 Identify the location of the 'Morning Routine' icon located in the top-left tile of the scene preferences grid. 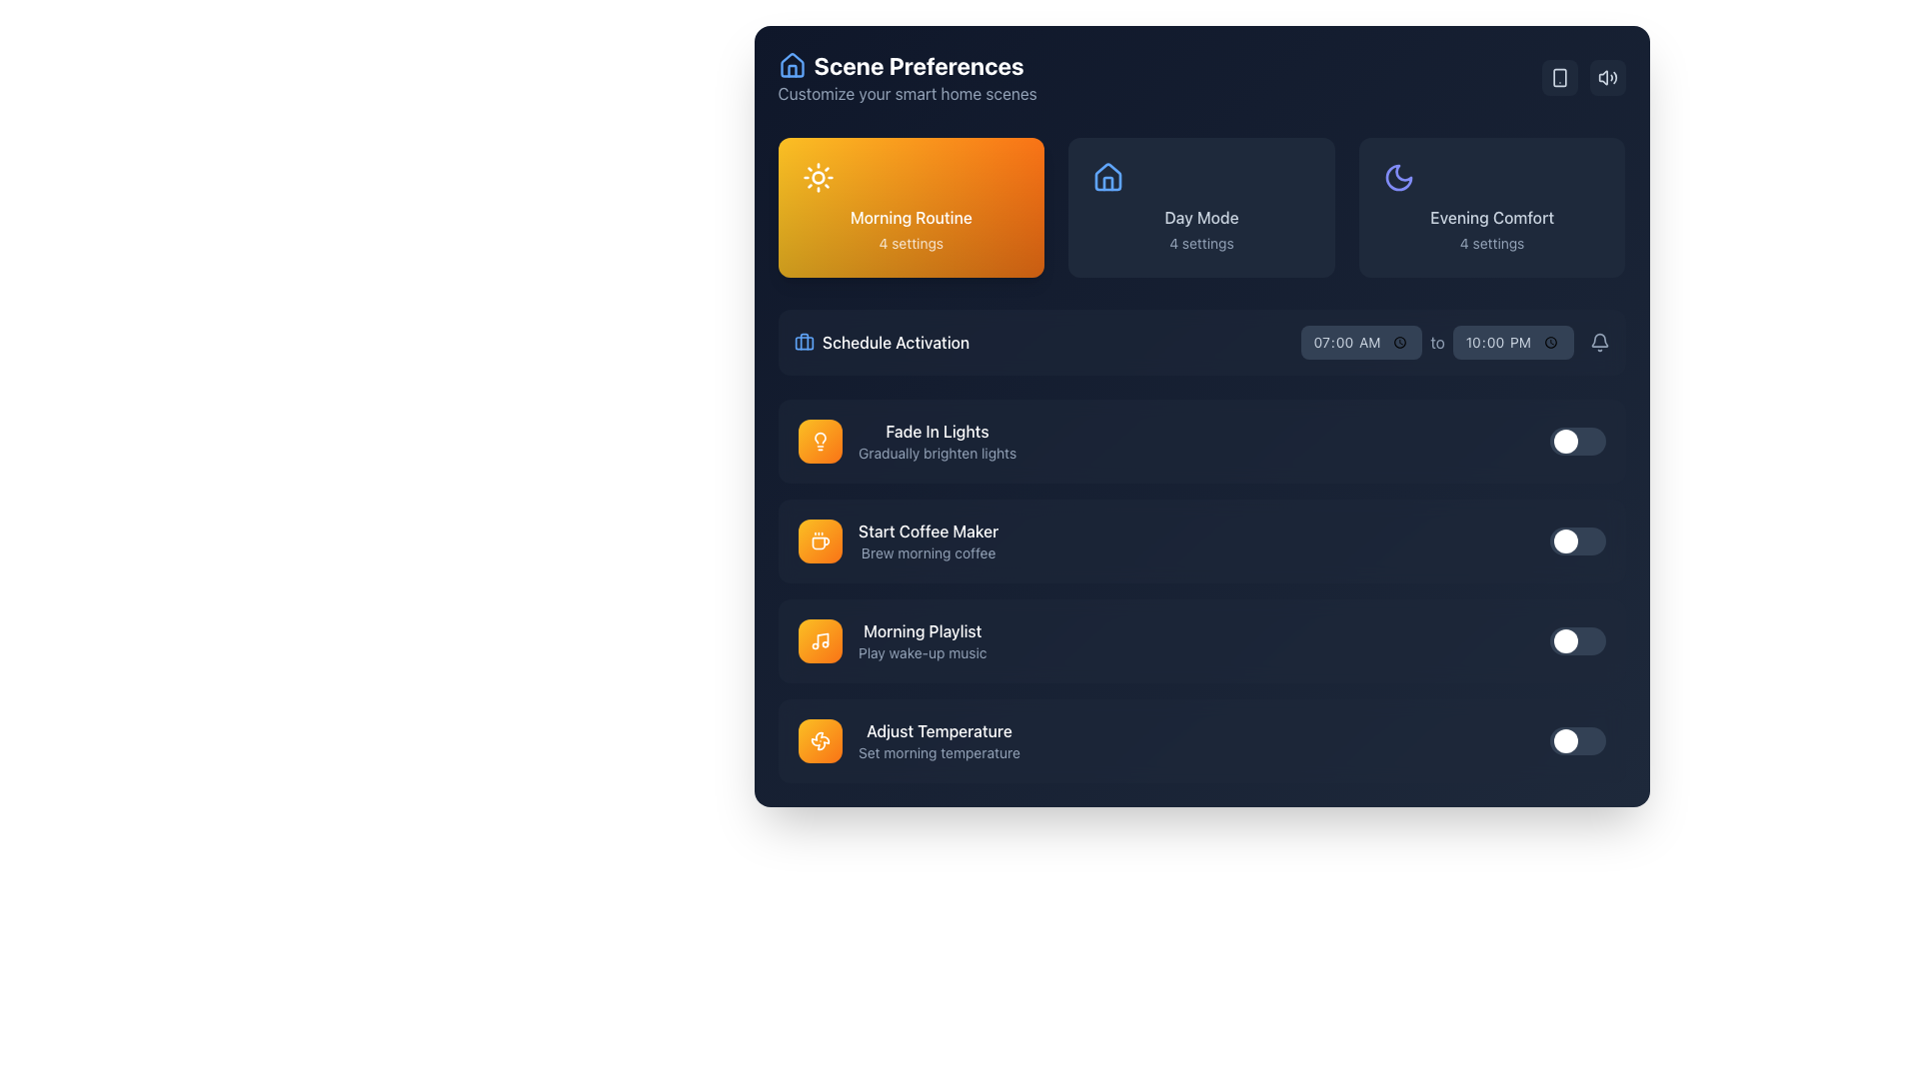
(820, 441).